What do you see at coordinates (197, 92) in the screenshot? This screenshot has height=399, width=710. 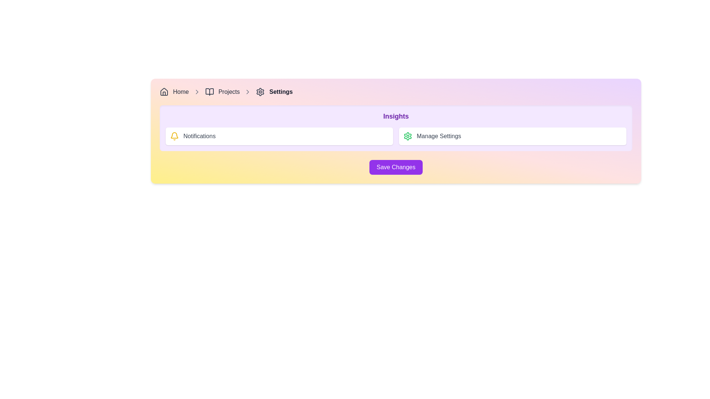 I see `the right-pointing chevron icon in the breadcrumb navigation bar, located between the 'Home' and 'Projects' links` at bounding box center [197, 92].